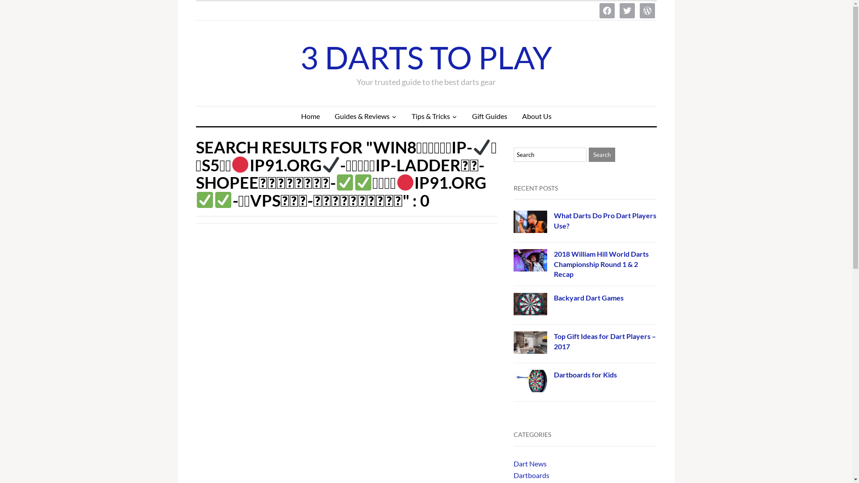  I want to click on 'About Us', so click(537, 115).